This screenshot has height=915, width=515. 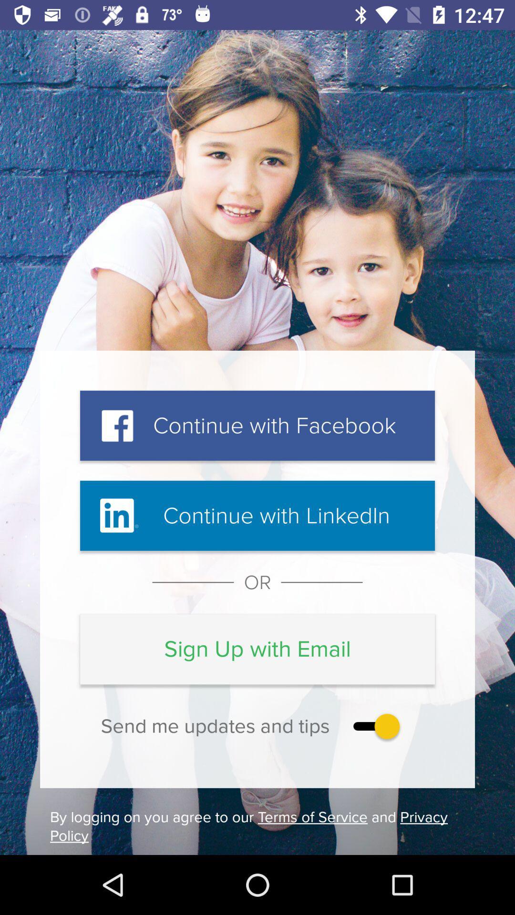 I want to click on the item below the or icon, so click(x=257, y=649).